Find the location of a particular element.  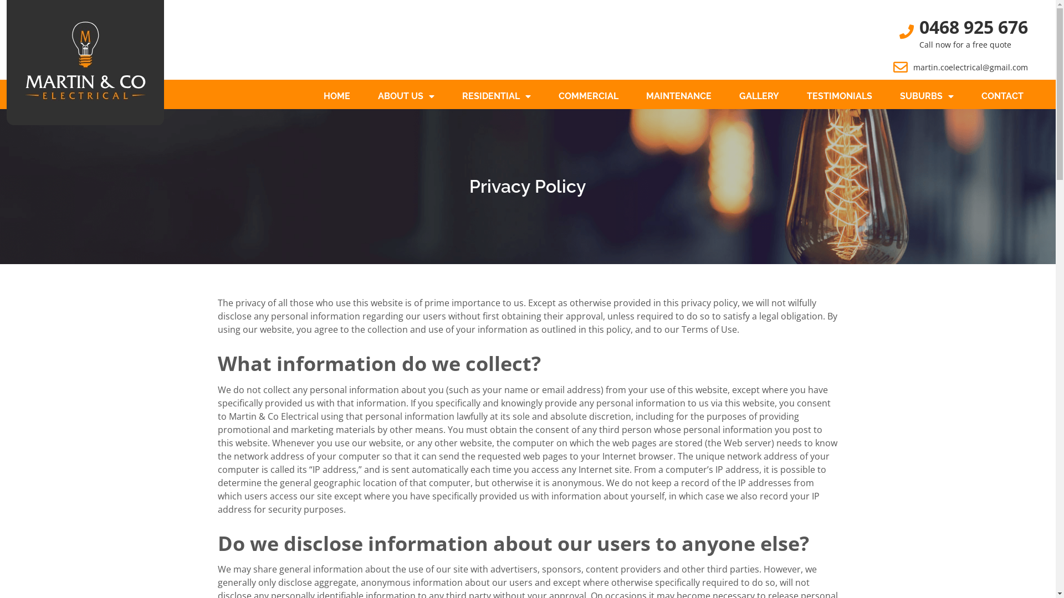

'MAINTENANCE' is located at coordinates (678, 95).